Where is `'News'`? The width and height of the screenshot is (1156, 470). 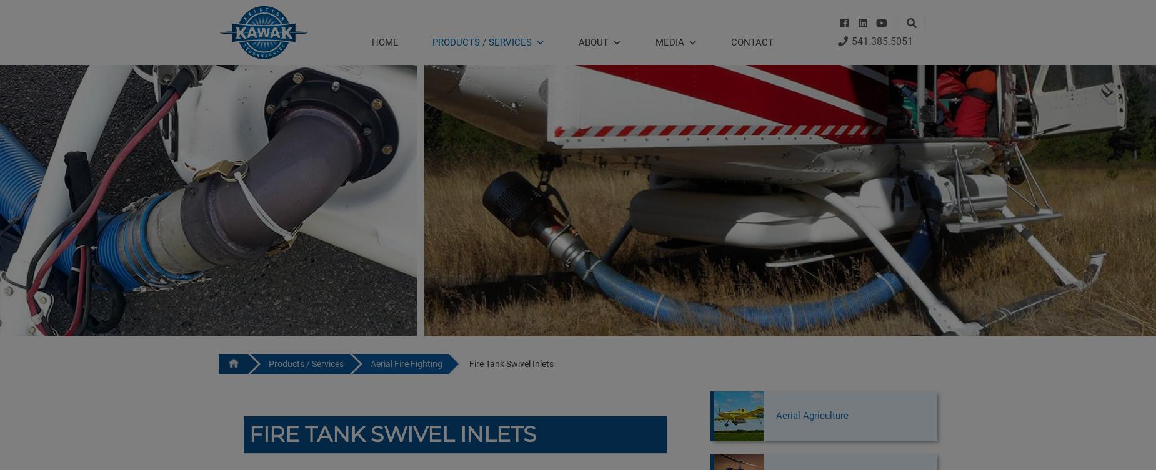
'News' is located at coordinates (664, 106).